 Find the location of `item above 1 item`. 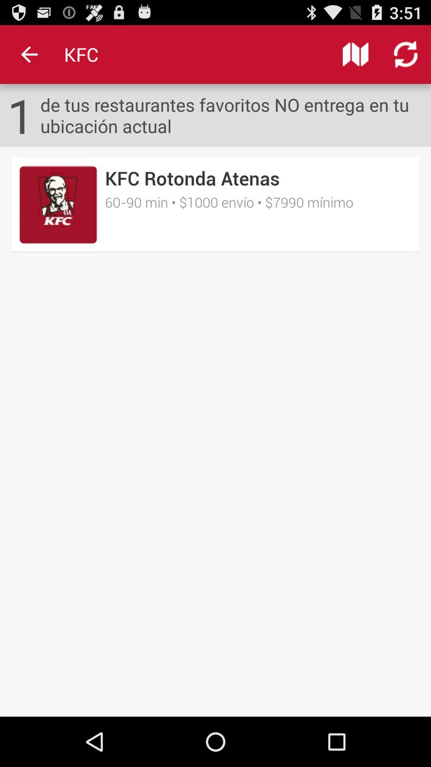

item above 1 item is located at coordinates (29, 54).